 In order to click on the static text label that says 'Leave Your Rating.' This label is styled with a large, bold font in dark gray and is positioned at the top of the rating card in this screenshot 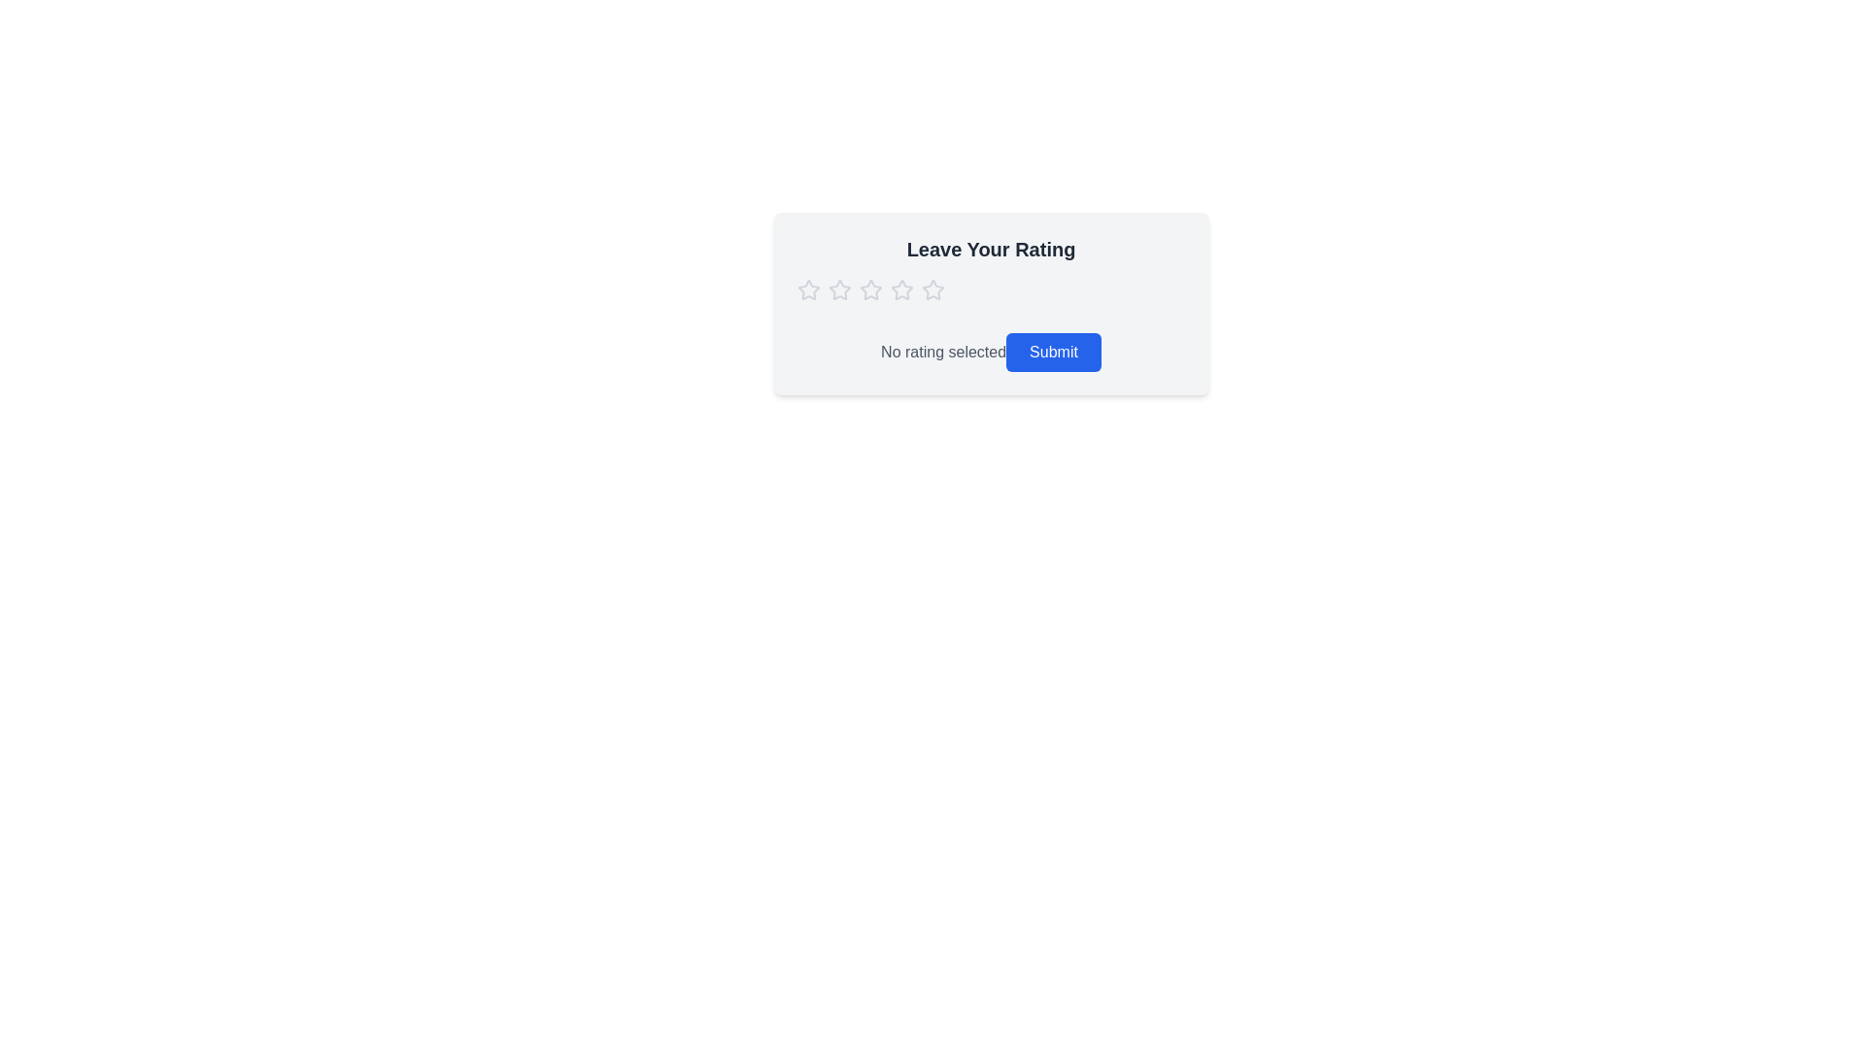, I will do `click(991, 249)`.